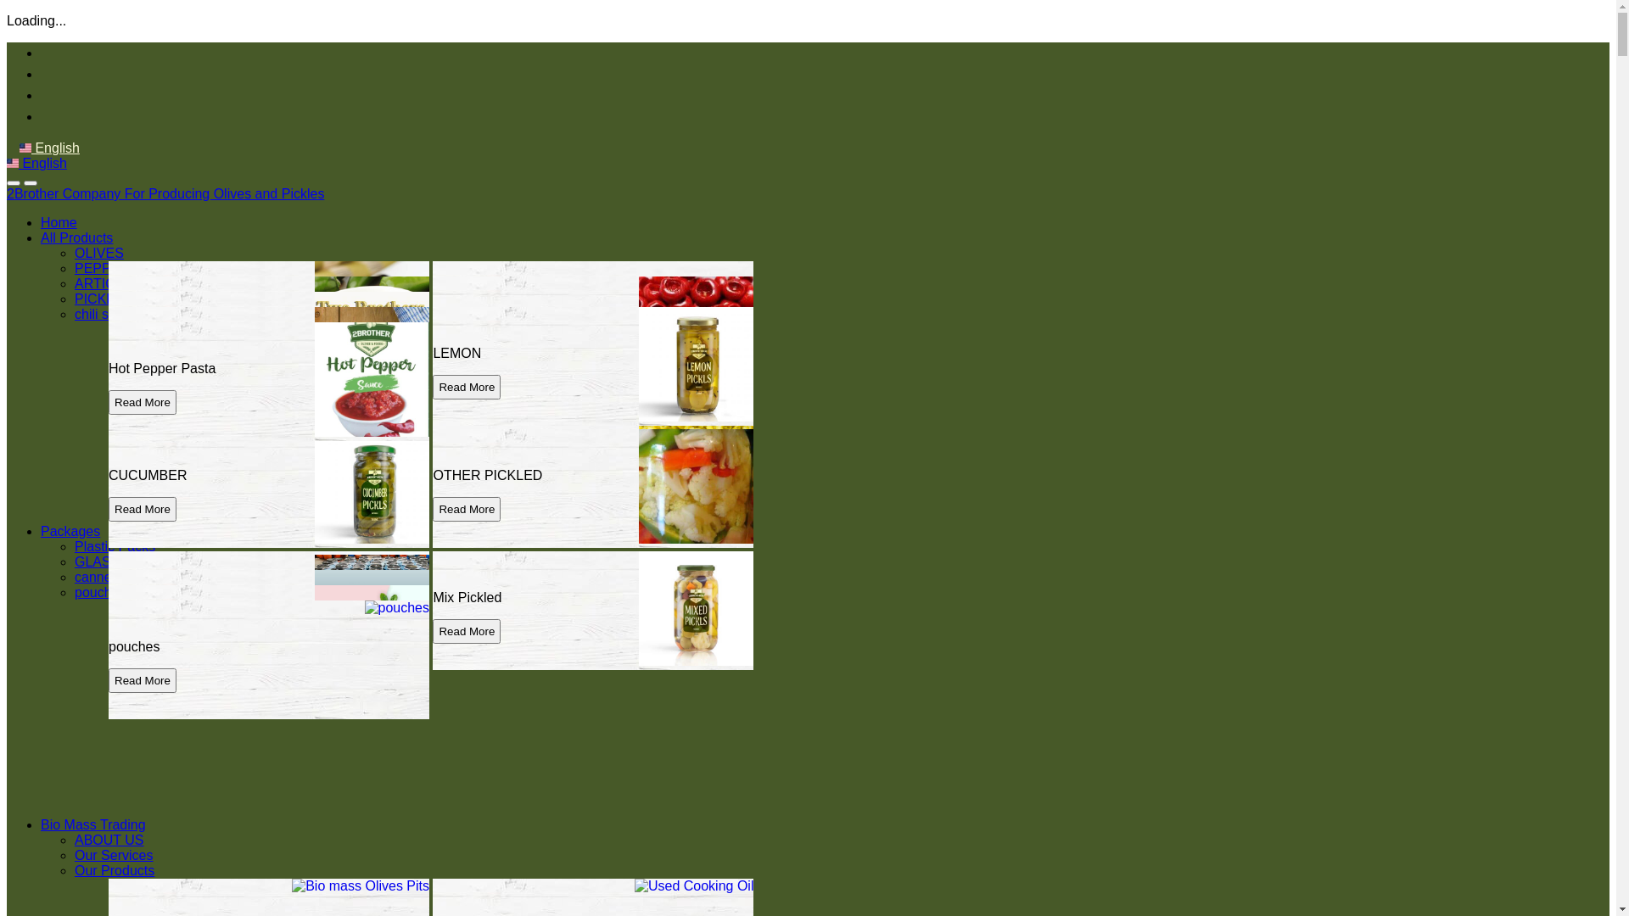  Describe the element at coordinates (143, 387) in the screenshot. I see `'Read More'` at that location.